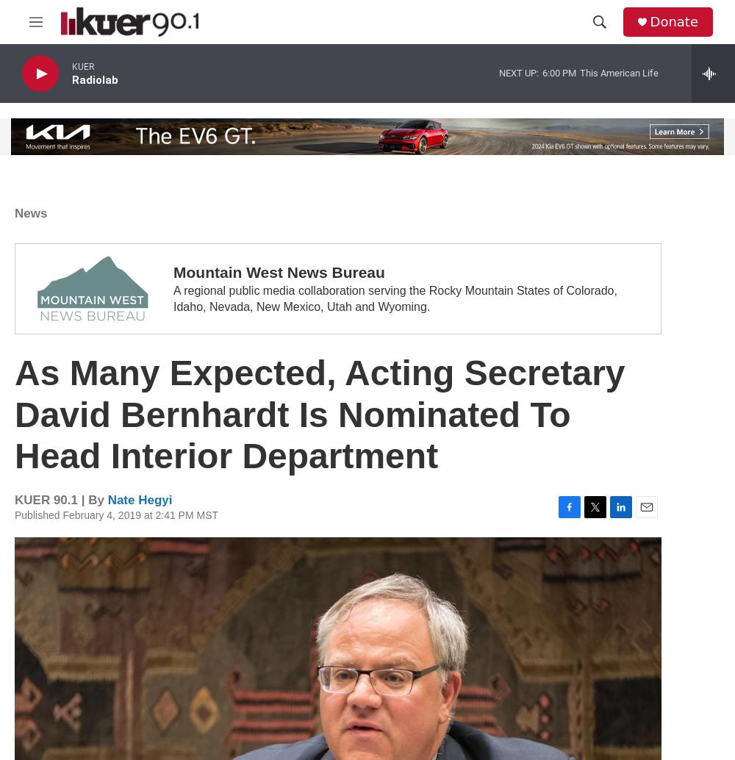 The height and width of the screenshot is (760, 735). Describe the element at coordinates (320, 415) in the screenshot. I see `'As Many Expected, Acting Secretary David Bernhardt Is Nominated To Head Interior Department'` at that location.